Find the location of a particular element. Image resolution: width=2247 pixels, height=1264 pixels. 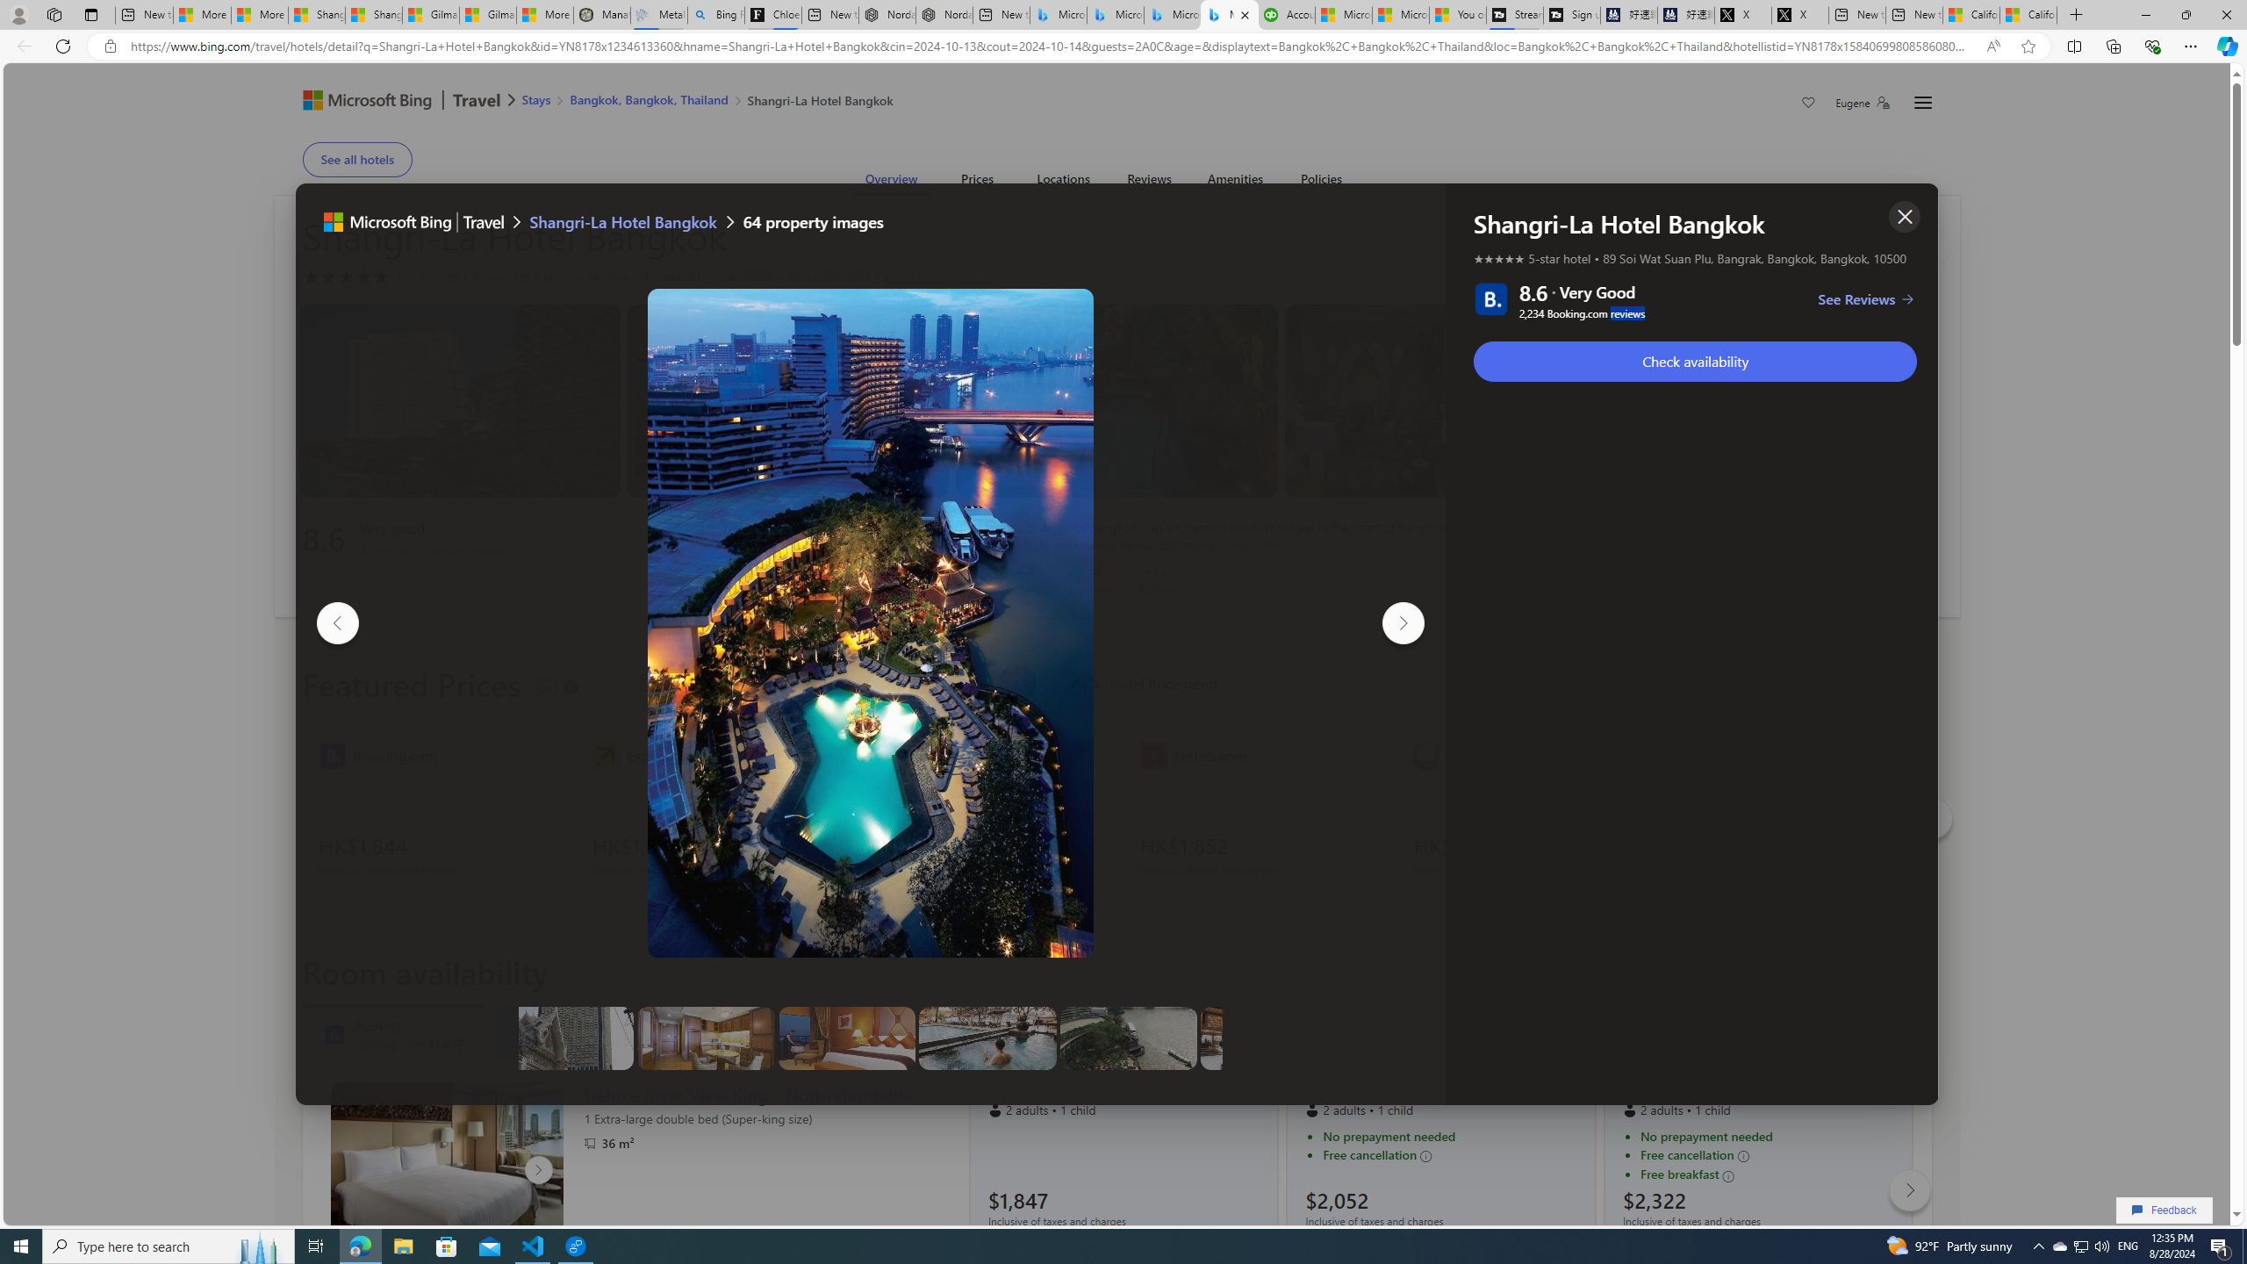

'Manatee Mortality Statistics | FWC' is located at coordinates (601, 14).